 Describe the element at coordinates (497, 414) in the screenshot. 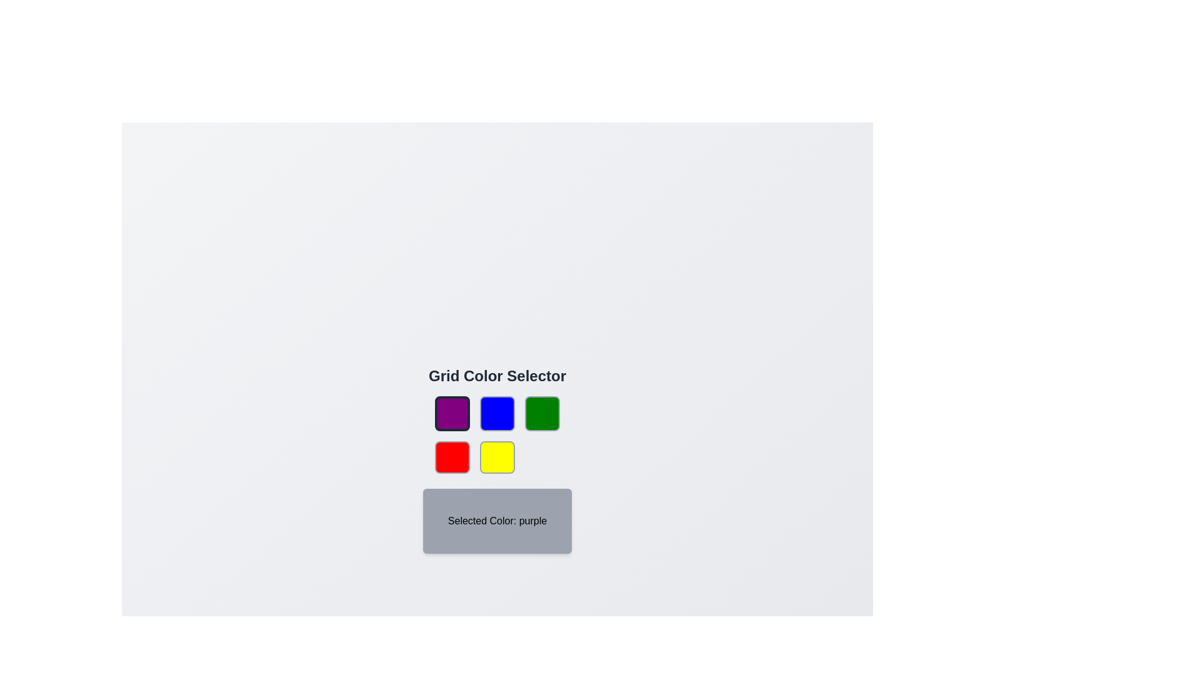

I see `the color button corresponding to blue` at that location.